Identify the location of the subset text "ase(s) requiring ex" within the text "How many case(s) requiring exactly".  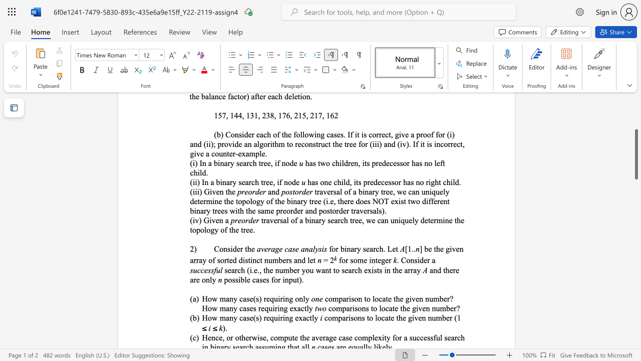
(243, 318).